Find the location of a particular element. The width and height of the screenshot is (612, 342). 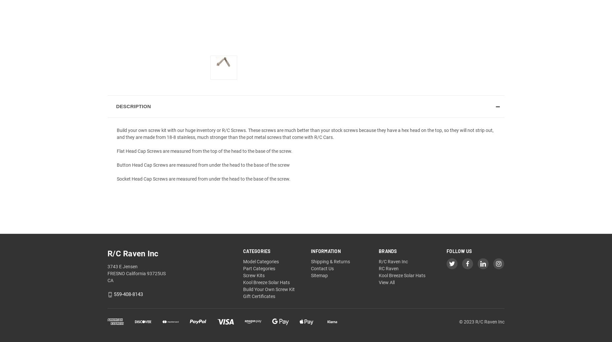

'Contact Us' is located at coordinates (322, 268).